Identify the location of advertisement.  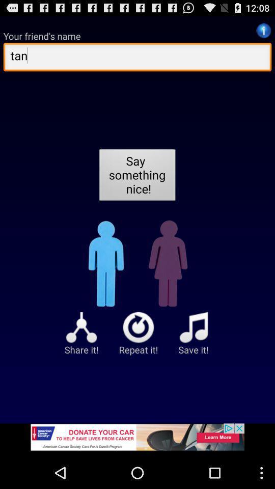
(137, 440).